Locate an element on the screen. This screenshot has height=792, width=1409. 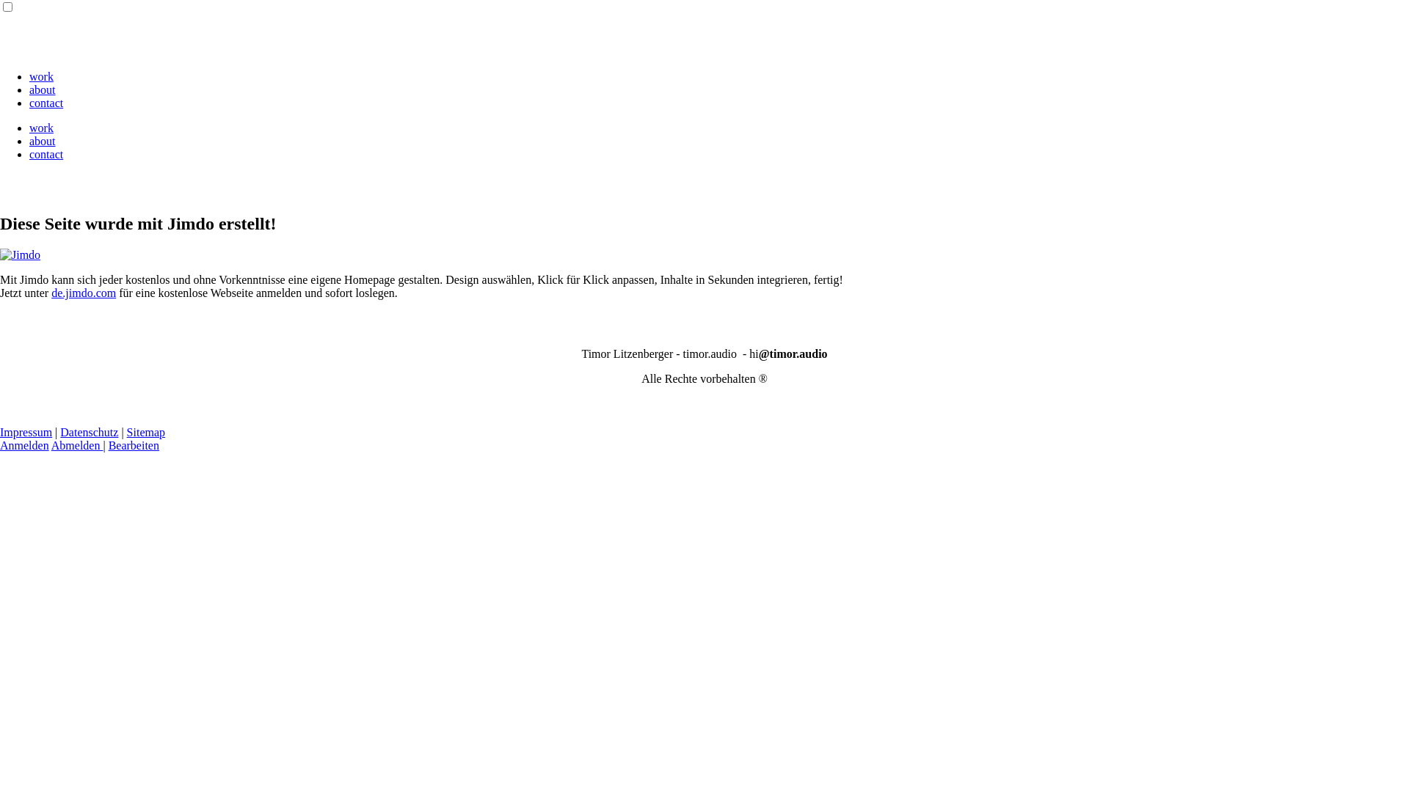
'contact' is located at coordinates (29, 102).